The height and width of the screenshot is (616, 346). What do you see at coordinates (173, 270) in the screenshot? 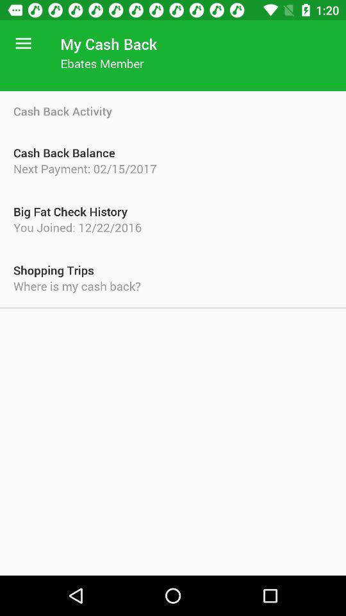
I see `shopping trips` at bounding box center [173, 270].